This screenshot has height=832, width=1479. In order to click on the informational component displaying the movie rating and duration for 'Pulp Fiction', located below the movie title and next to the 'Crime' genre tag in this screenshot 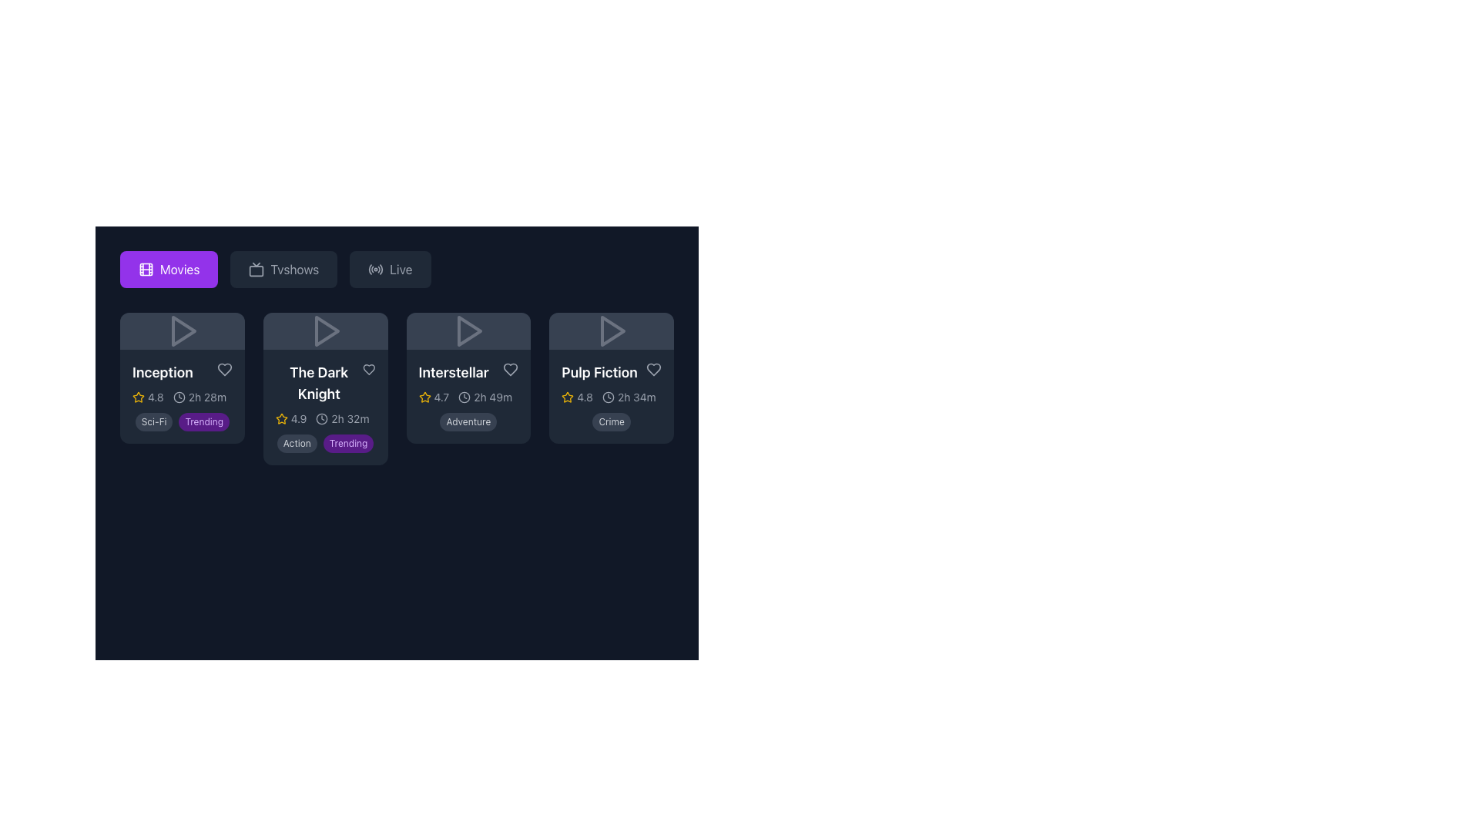, I will do `click(611, 397)`.